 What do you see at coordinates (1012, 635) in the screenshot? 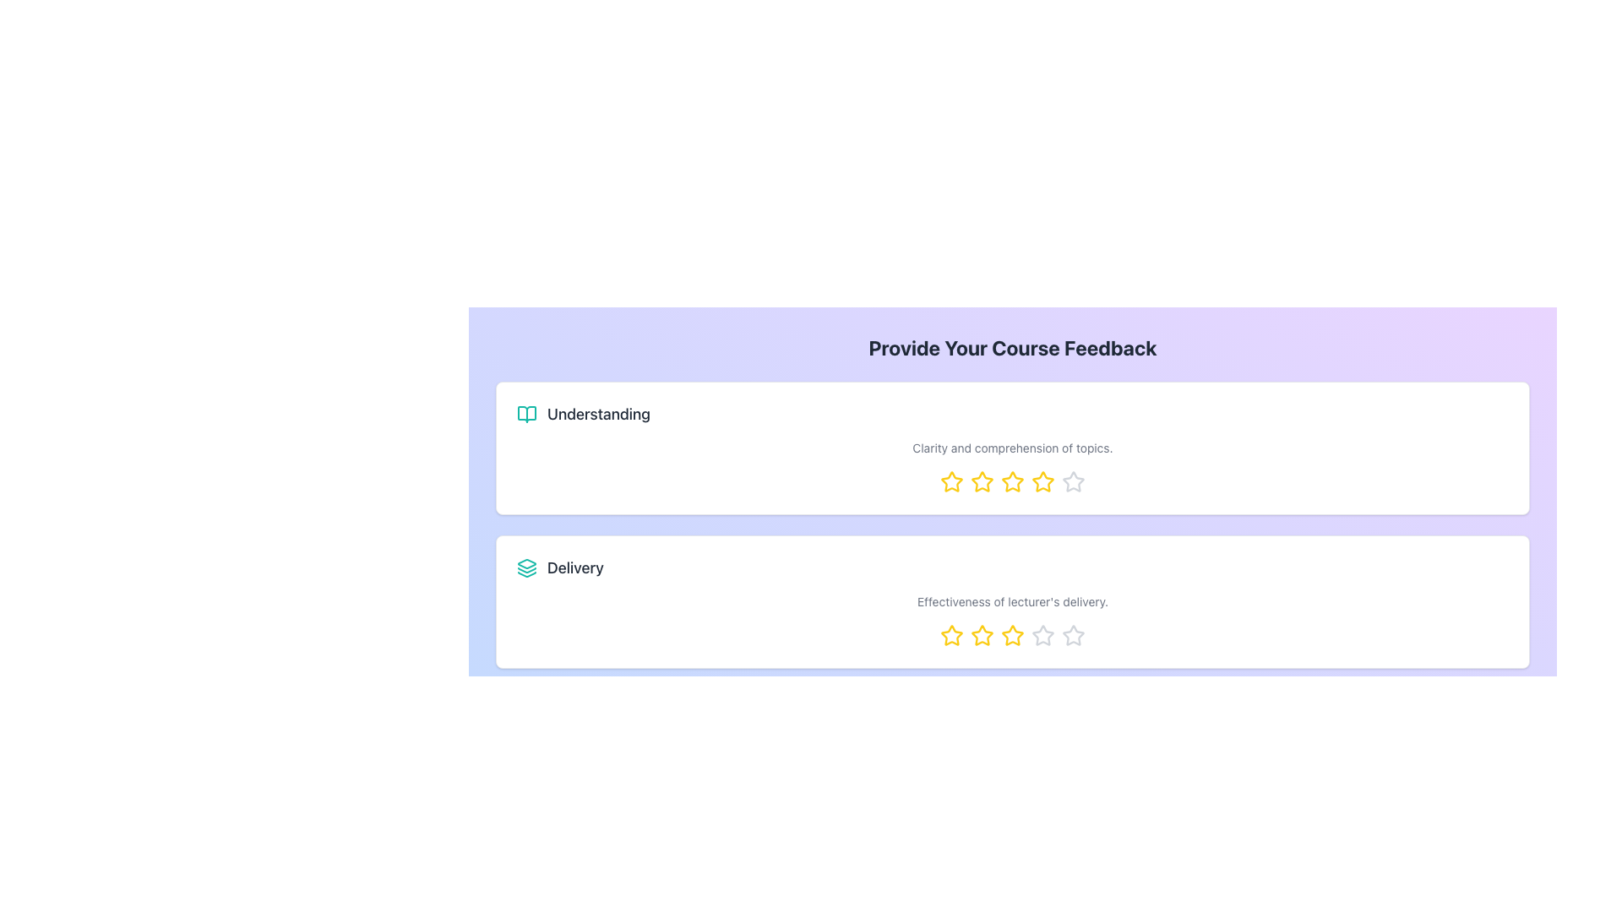
I see `on the fourth yellow rating star icon under the 'Delivery' section` at bounding box center [1012, 635].